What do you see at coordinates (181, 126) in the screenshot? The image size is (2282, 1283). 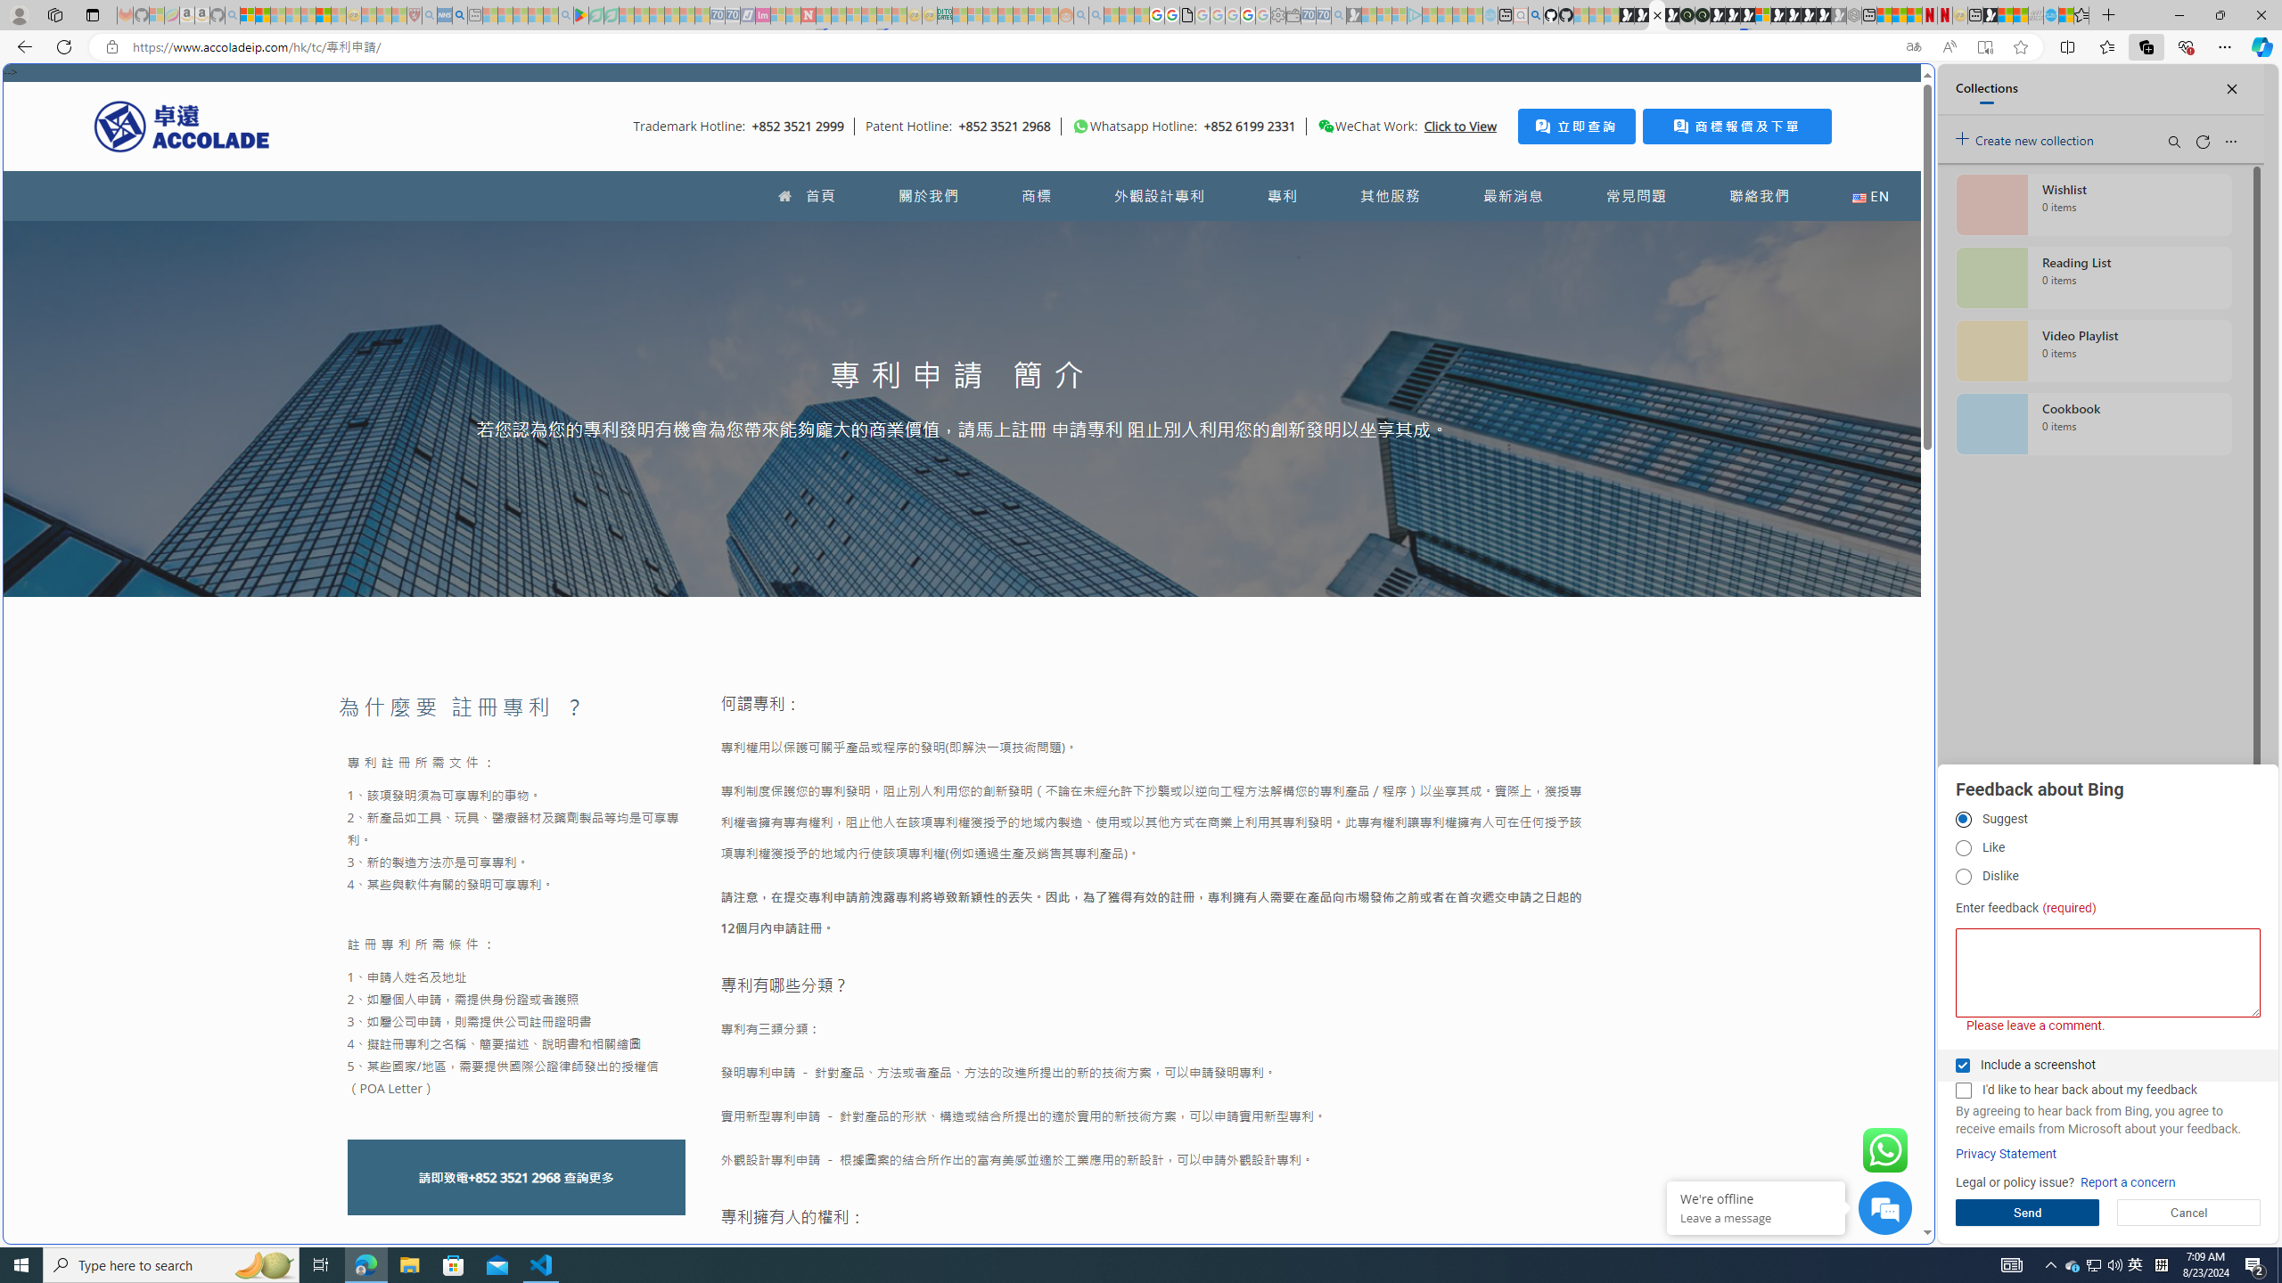 I see `'Accolade IP HK Logo'` at bounding box center [181, 126].